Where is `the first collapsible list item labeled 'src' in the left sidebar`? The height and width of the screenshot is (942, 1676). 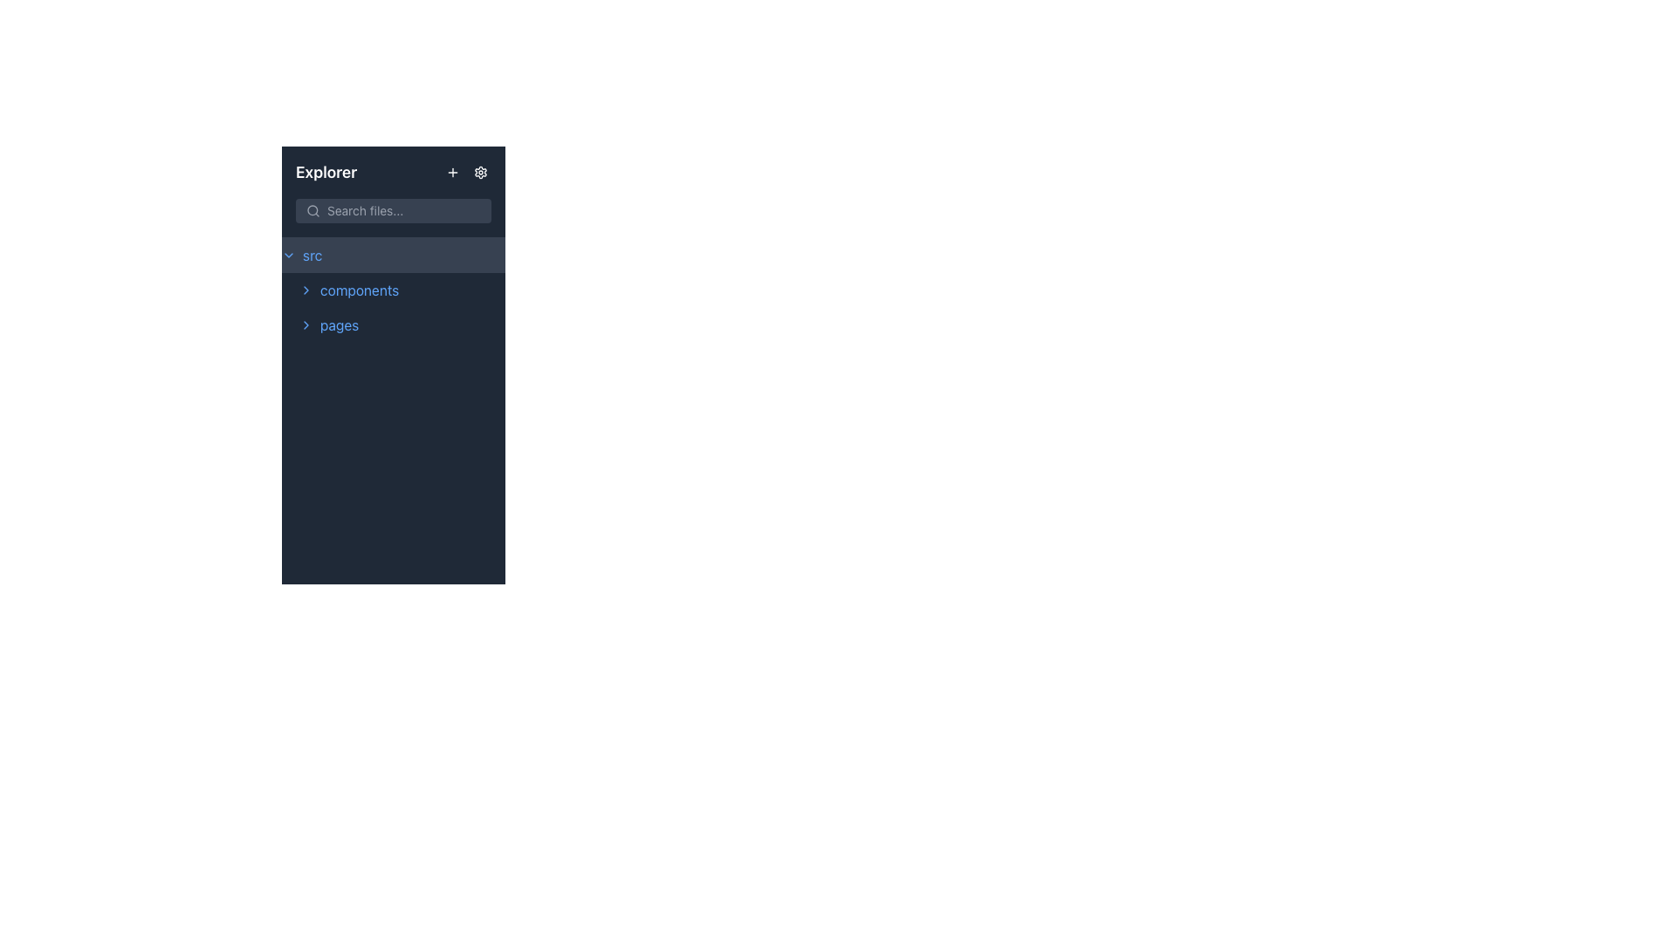
the first collapsible list item labeled 'src' in the left sidebar is located at coordinates (393, 256).